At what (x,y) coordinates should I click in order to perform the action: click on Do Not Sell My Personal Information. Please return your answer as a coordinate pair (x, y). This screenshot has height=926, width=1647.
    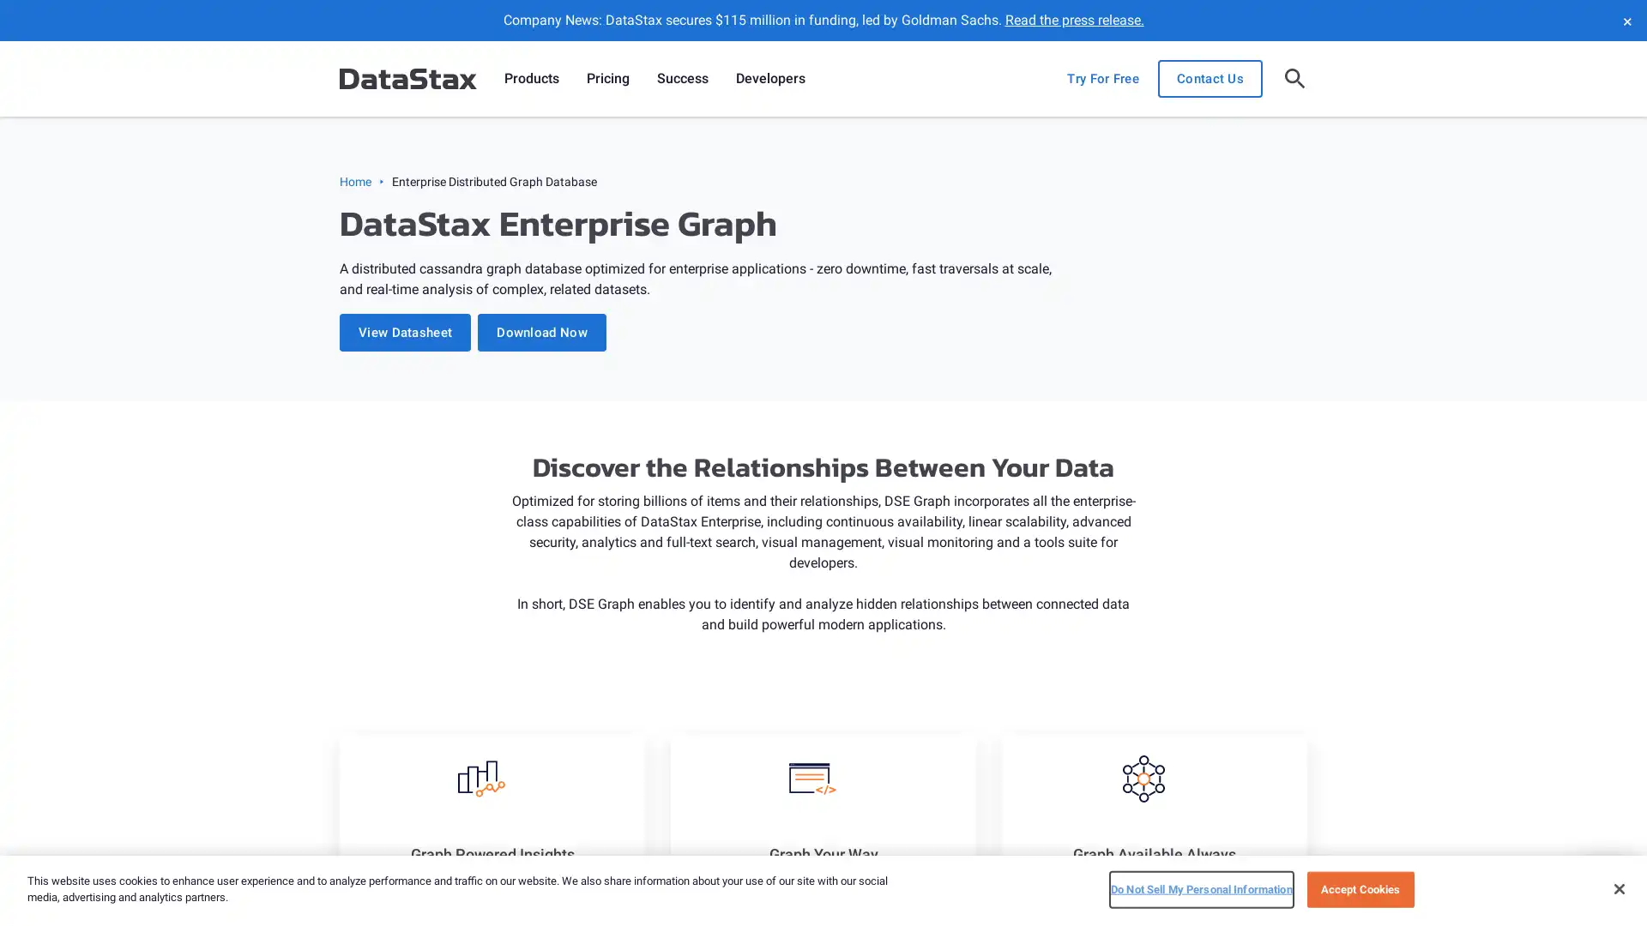
    Looking at the image, I should click on (1200, 888).